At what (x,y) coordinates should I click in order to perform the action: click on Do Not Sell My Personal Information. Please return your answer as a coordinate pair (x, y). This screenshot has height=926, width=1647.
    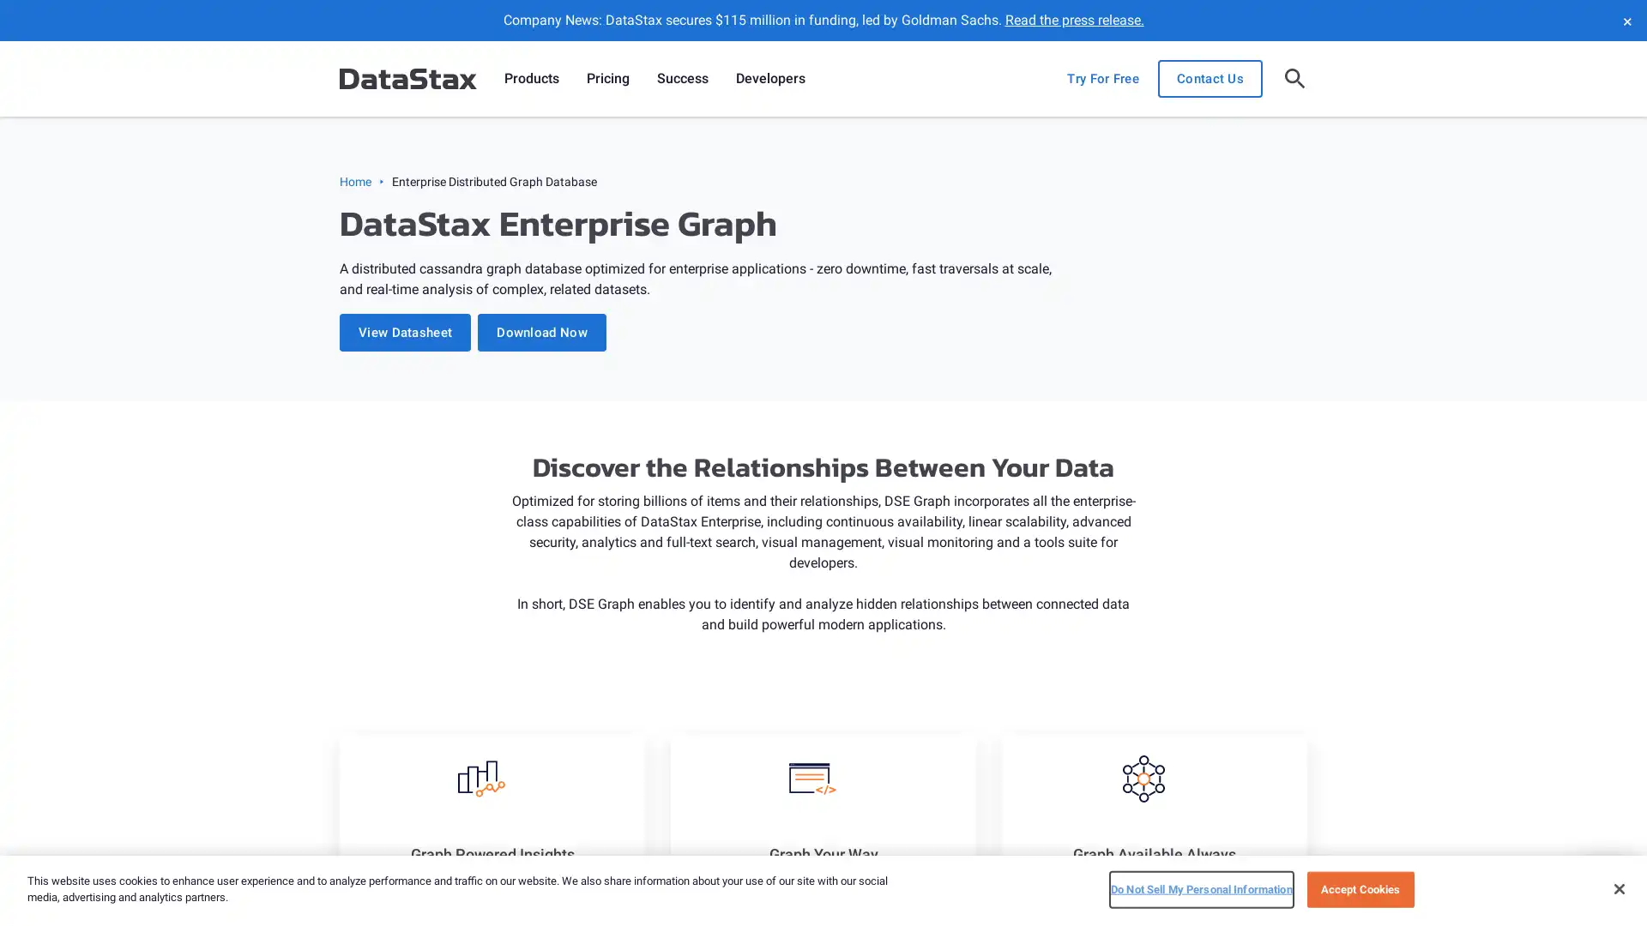
    Looking at the image, I should click on (1200, 888).